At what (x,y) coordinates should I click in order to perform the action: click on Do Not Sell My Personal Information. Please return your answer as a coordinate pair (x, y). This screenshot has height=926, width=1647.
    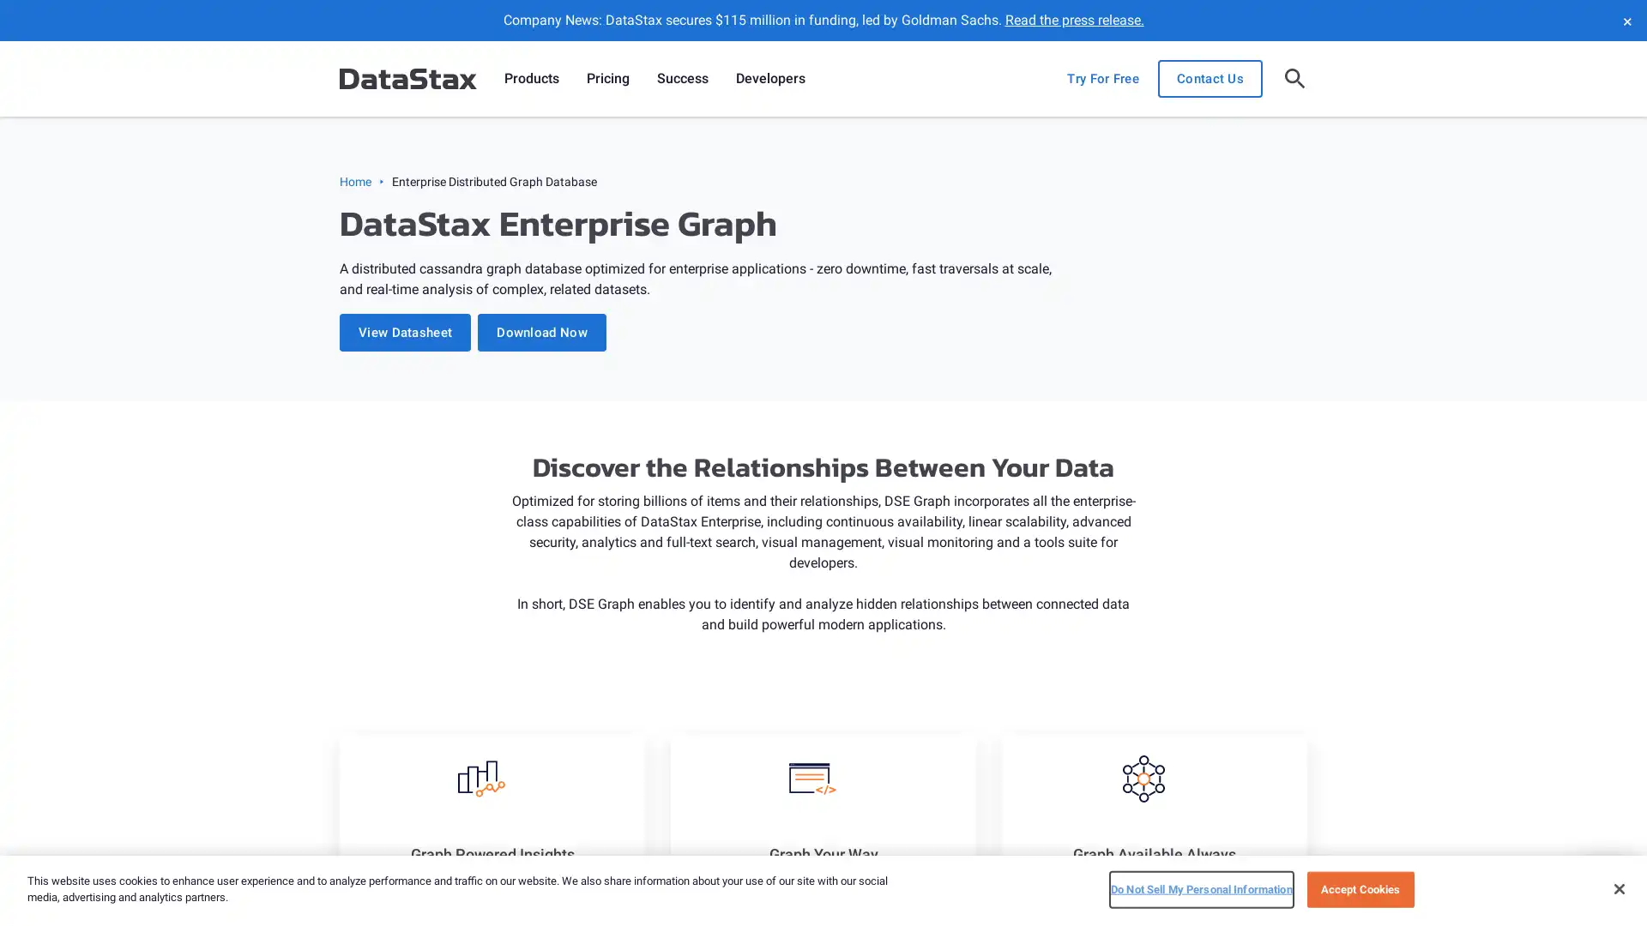
    Looking at the image, I should click on (1200, 888).